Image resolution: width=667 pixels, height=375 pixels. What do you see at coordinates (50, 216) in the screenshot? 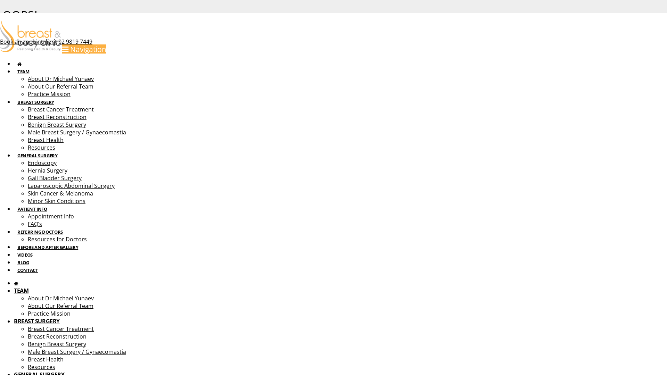
I see `'Appointment Info'` at bounding box center [50, 216].